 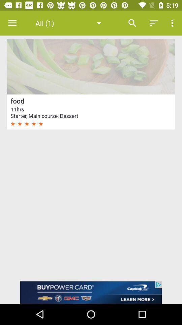 What do you see at coordinates (91, 292) in the screenshot?
I see `open an advertised app` at bounding box center [91, 292].